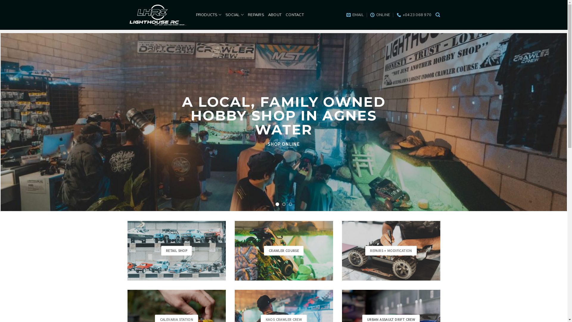  Describe the element at coordinates (127, 15) in the screenshot. I see `'Lighthouse RC - "Not just another Hobby Shop"'` at that location.